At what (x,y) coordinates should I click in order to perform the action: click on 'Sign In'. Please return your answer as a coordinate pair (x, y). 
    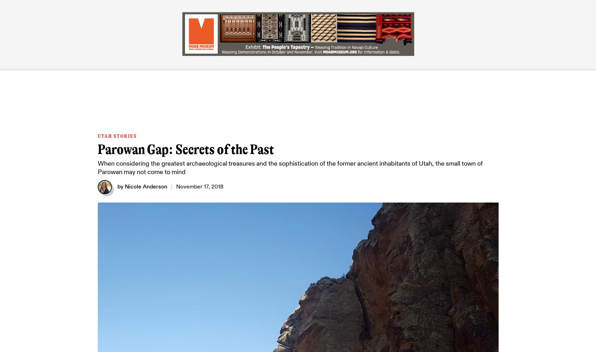
    Looking at the image, I should click on (478, 14).